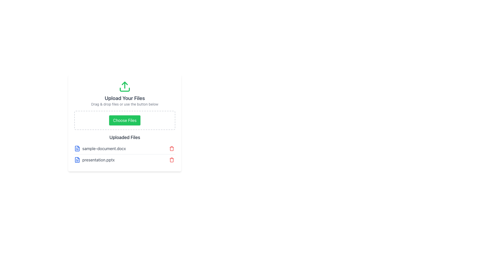  Describe the element at coordinates (100, 148) in the screenshot. I see `the first item in the uploaded files list, which represents a file with its filename and an icon` at that location.